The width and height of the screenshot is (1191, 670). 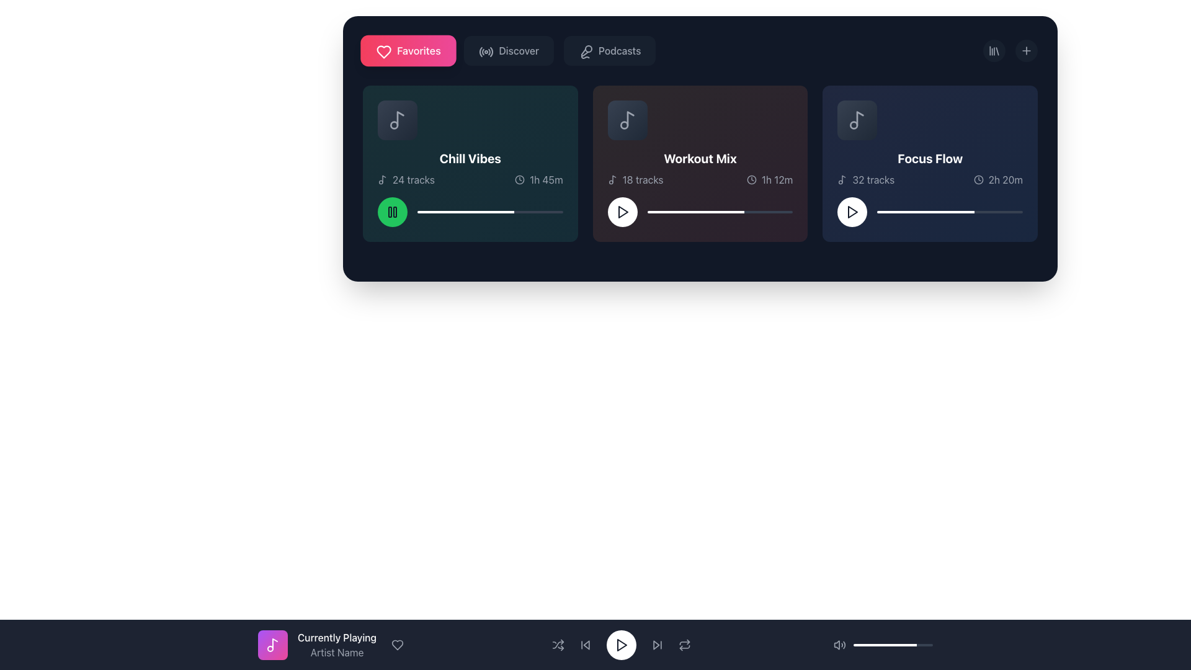 I want to click on the horizontal progress bar located in the bottom right section of the 'Focus Flow' card, so click(x=930, y=212).